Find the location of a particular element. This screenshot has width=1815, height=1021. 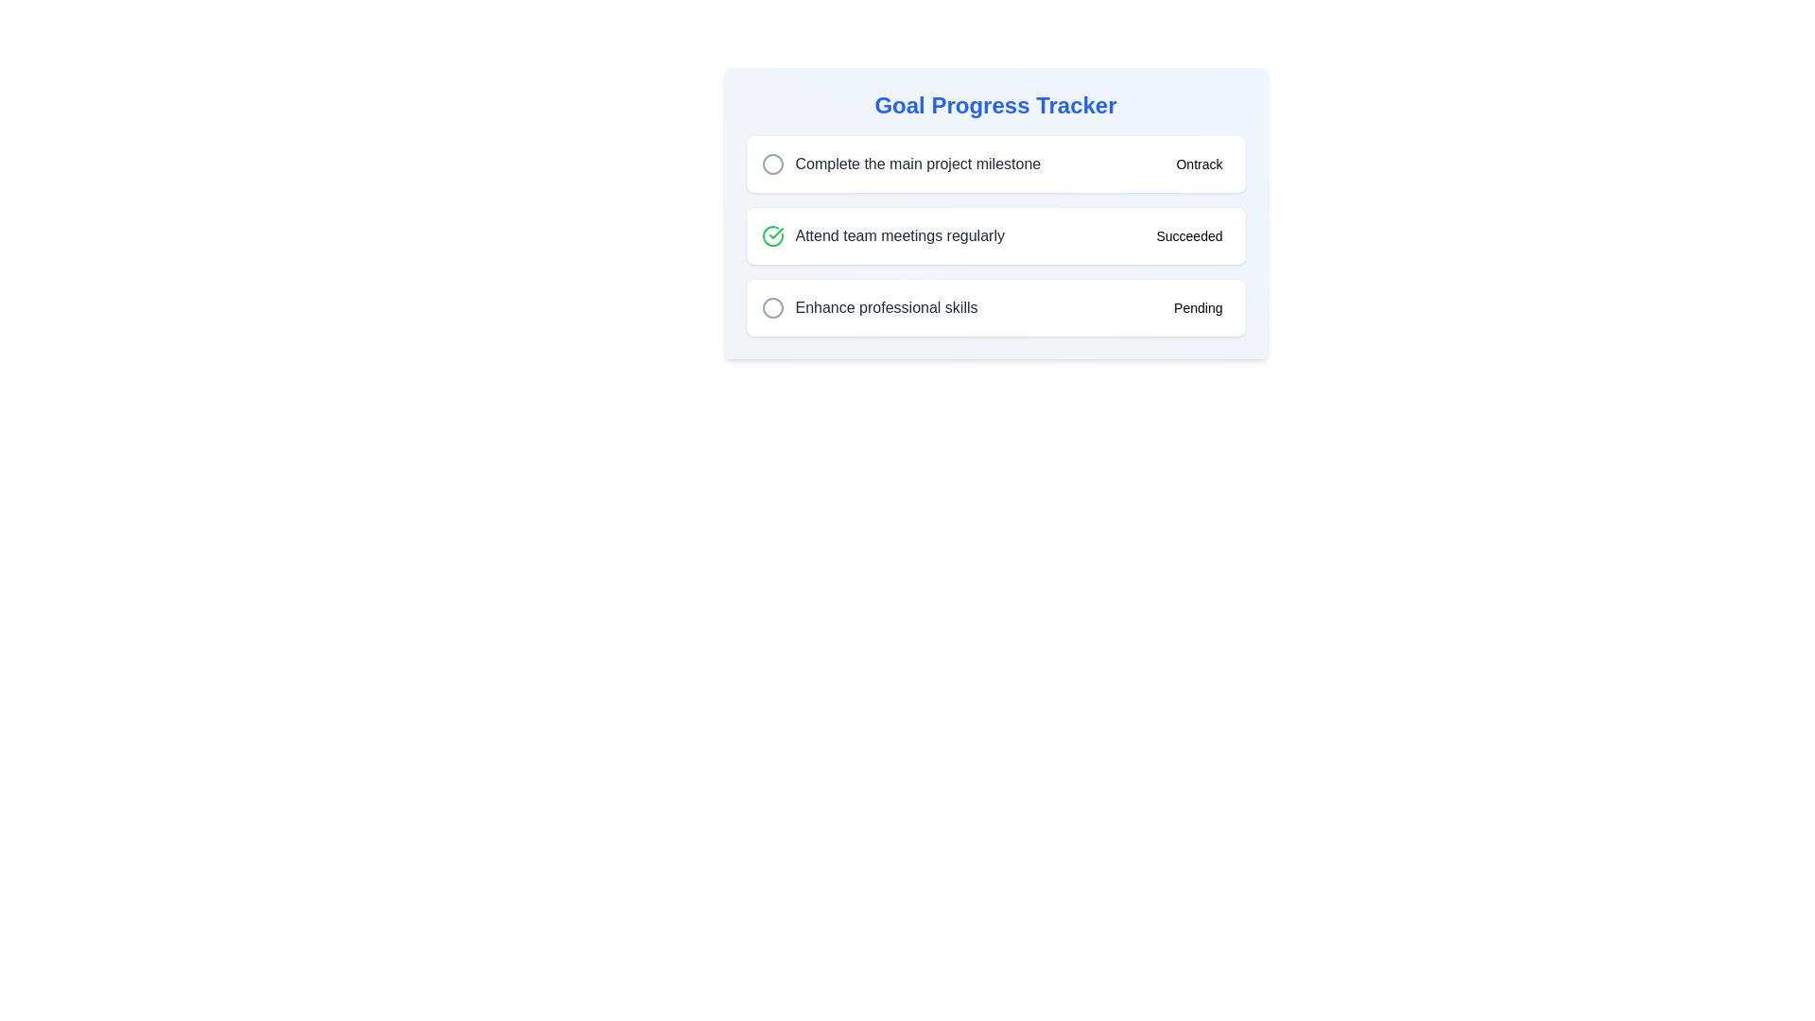

text of the status item labeled 'Enhance professional skills', which is a Text label with an icon located in the lower part of the 'Goal Progress Tracker' section is located at coordinates (869, 307).